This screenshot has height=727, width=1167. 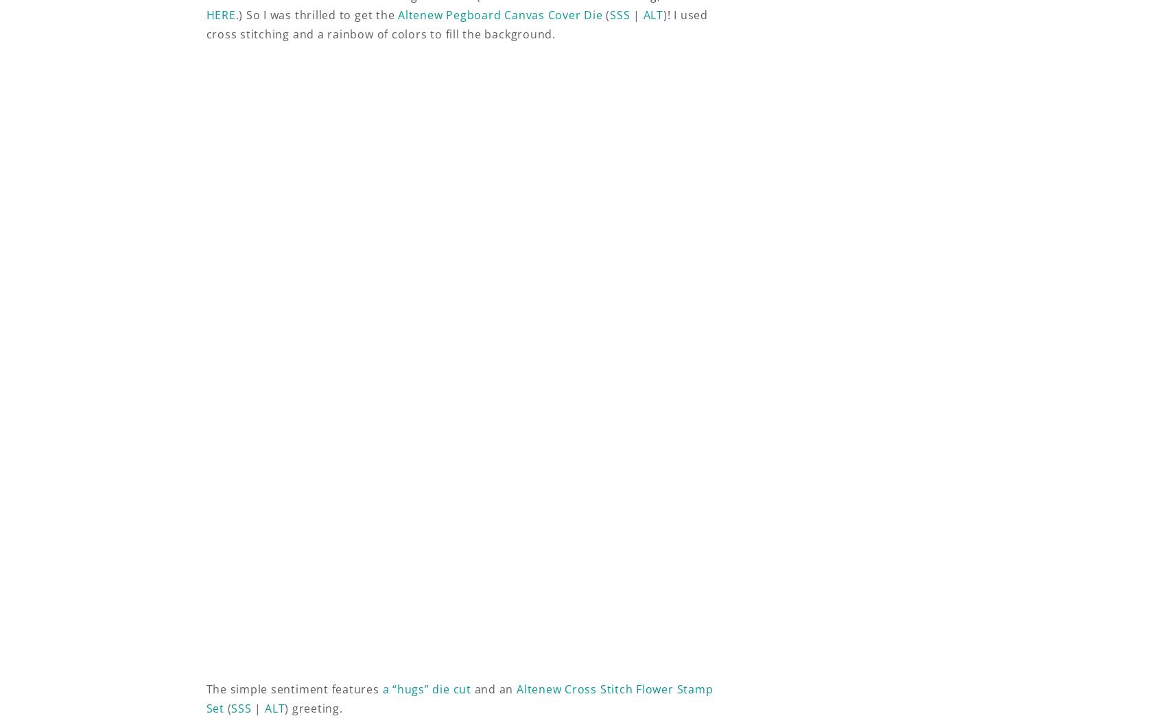 What do you see at coordinates (382, 688) in the screenshot?
I see `'a “hugs” die cut'` at bounding box center [382, 688].